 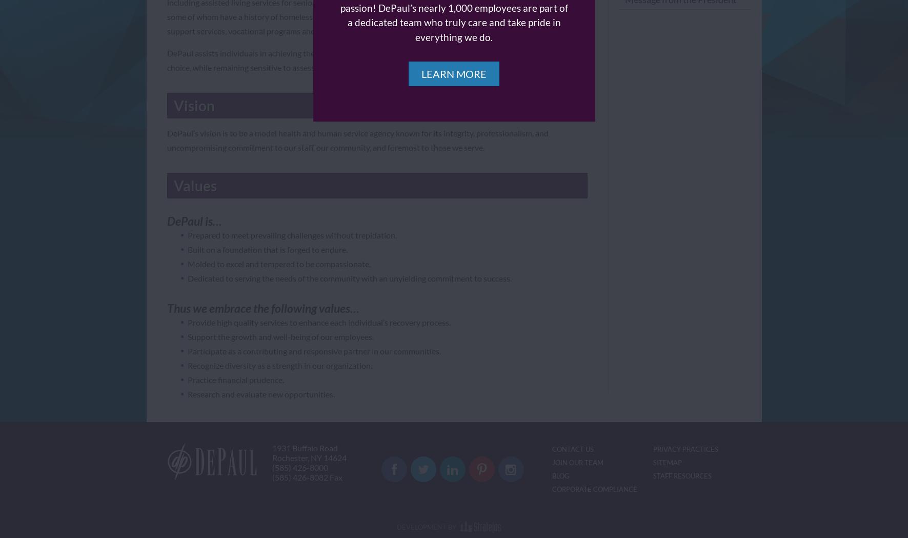 I want to click on 'Molded to excel and tempered to be compassionate.', so click(x=187, y=263).